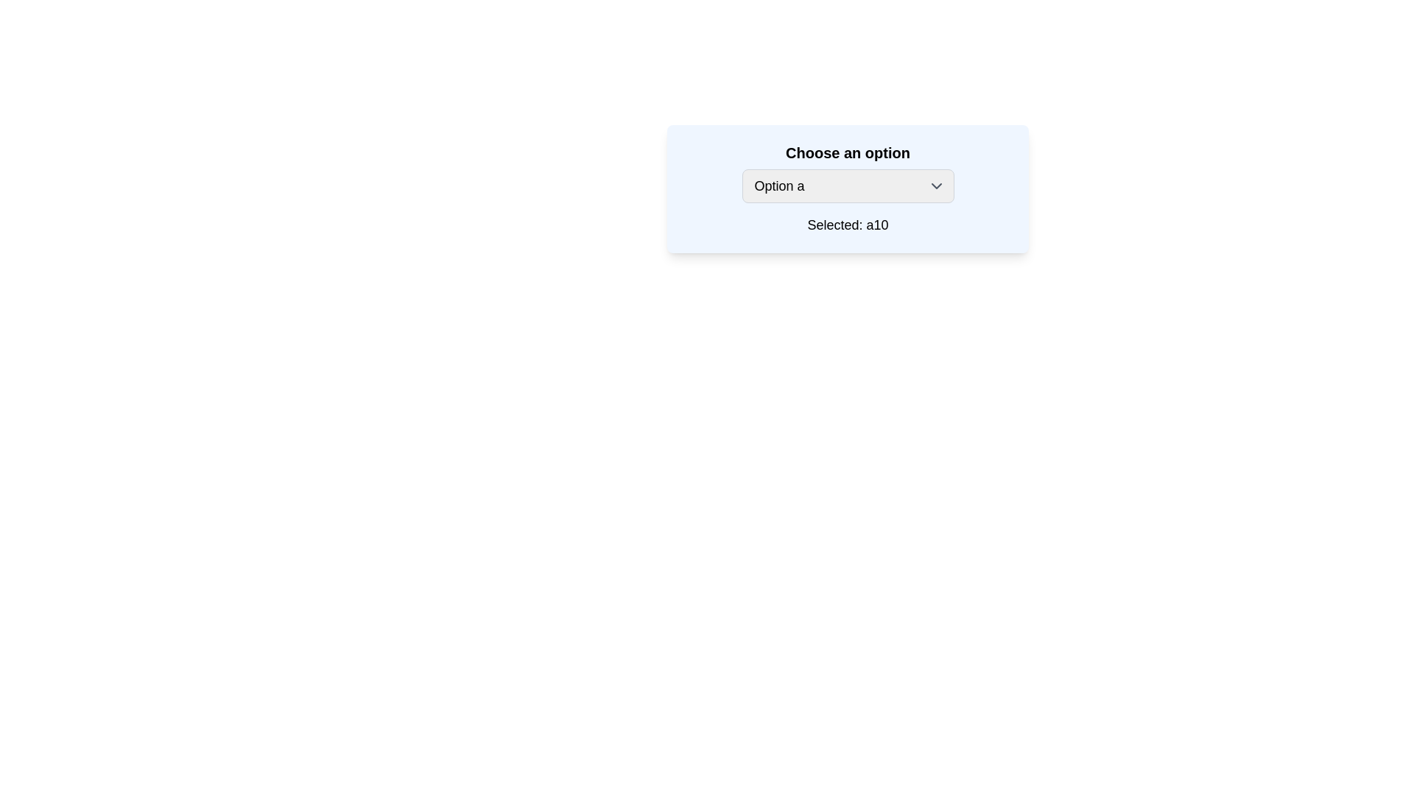 The width and height of the screenshot is (1414, 795). What do you see at coordinates (848, 225) in the screenshot?
I see `the text display element that shows 'Selected: a10', which is located below the dropdown menu titled 'Choose an option'` at bounding box center [848, 225].